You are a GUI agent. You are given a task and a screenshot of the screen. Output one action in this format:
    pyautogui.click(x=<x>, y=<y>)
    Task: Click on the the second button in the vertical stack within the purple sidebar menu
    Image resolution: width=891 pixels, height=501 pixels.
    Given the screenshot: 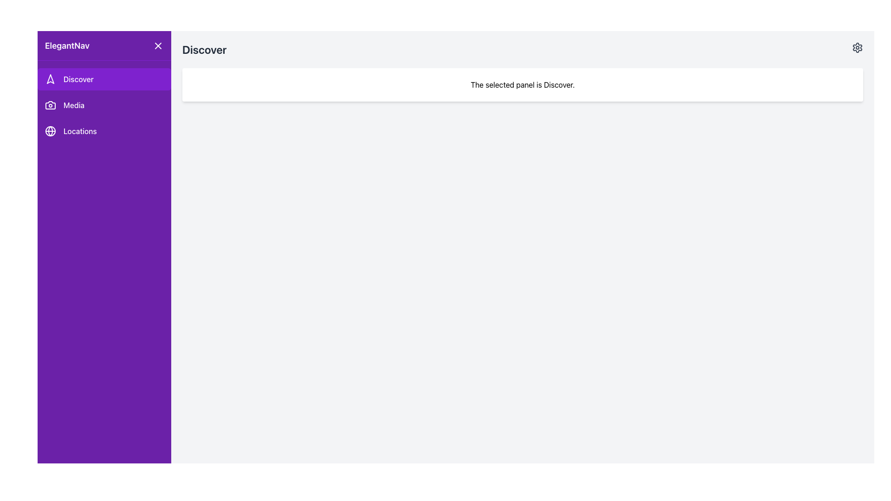 What is the action you would take?
    pyautogui.click(x=104, y=105)
    